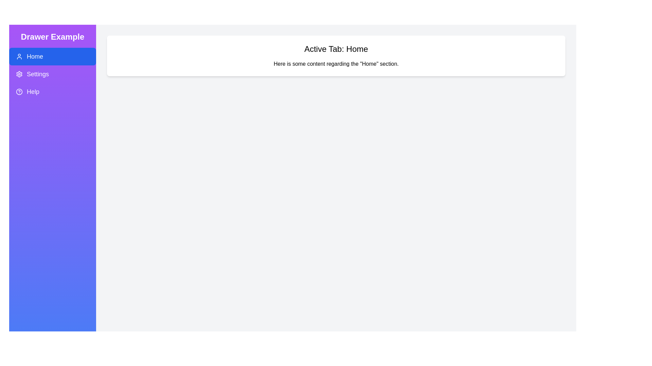 The image size is (652, 366). I want to click on the menu item Home in the drawer, so click(52, 56).